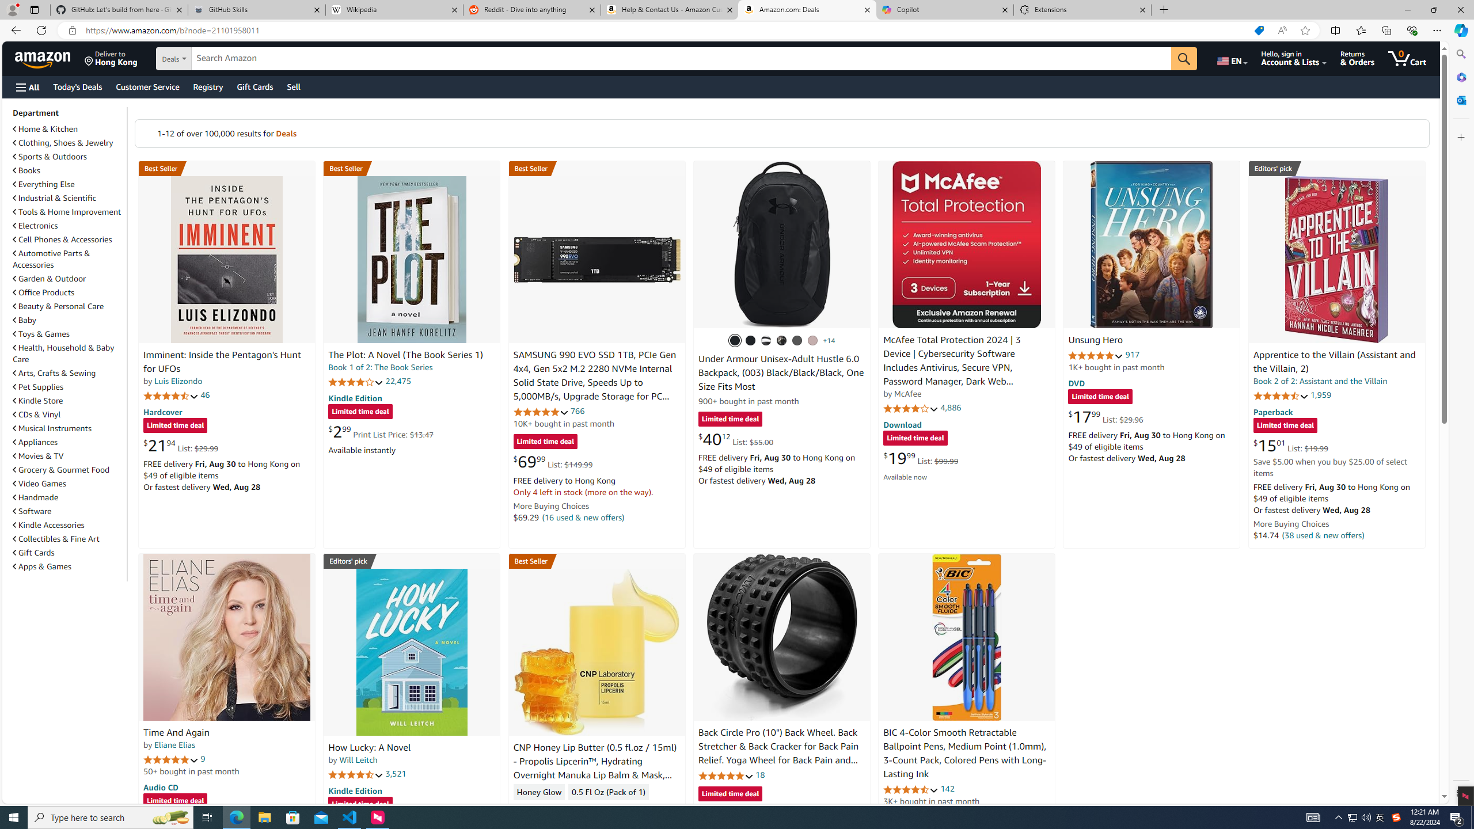 This screenshot has height=829, width=1474. Describe the element at coordinates (180, 445) in the screenshot. I see `'$21.94 List: $29.99'` at that location.